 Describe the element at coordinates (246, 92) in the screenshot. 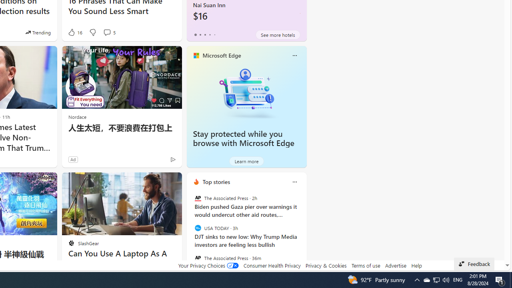

I see `'Stay protected while you browse with Microsoft Edge'` at that location.